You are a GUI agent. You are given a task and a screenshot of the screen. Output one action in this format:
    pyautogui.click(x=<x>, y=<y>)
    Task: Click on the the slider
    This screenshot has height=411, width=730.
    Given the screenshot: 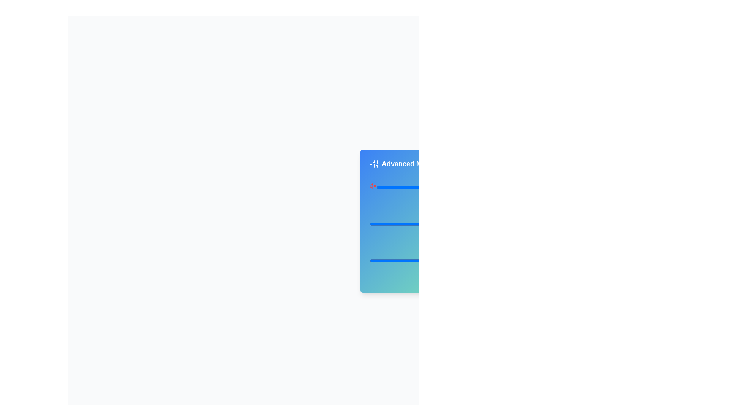 What is the action you would take?
    pyautogui.click(x=455, y=188)
    